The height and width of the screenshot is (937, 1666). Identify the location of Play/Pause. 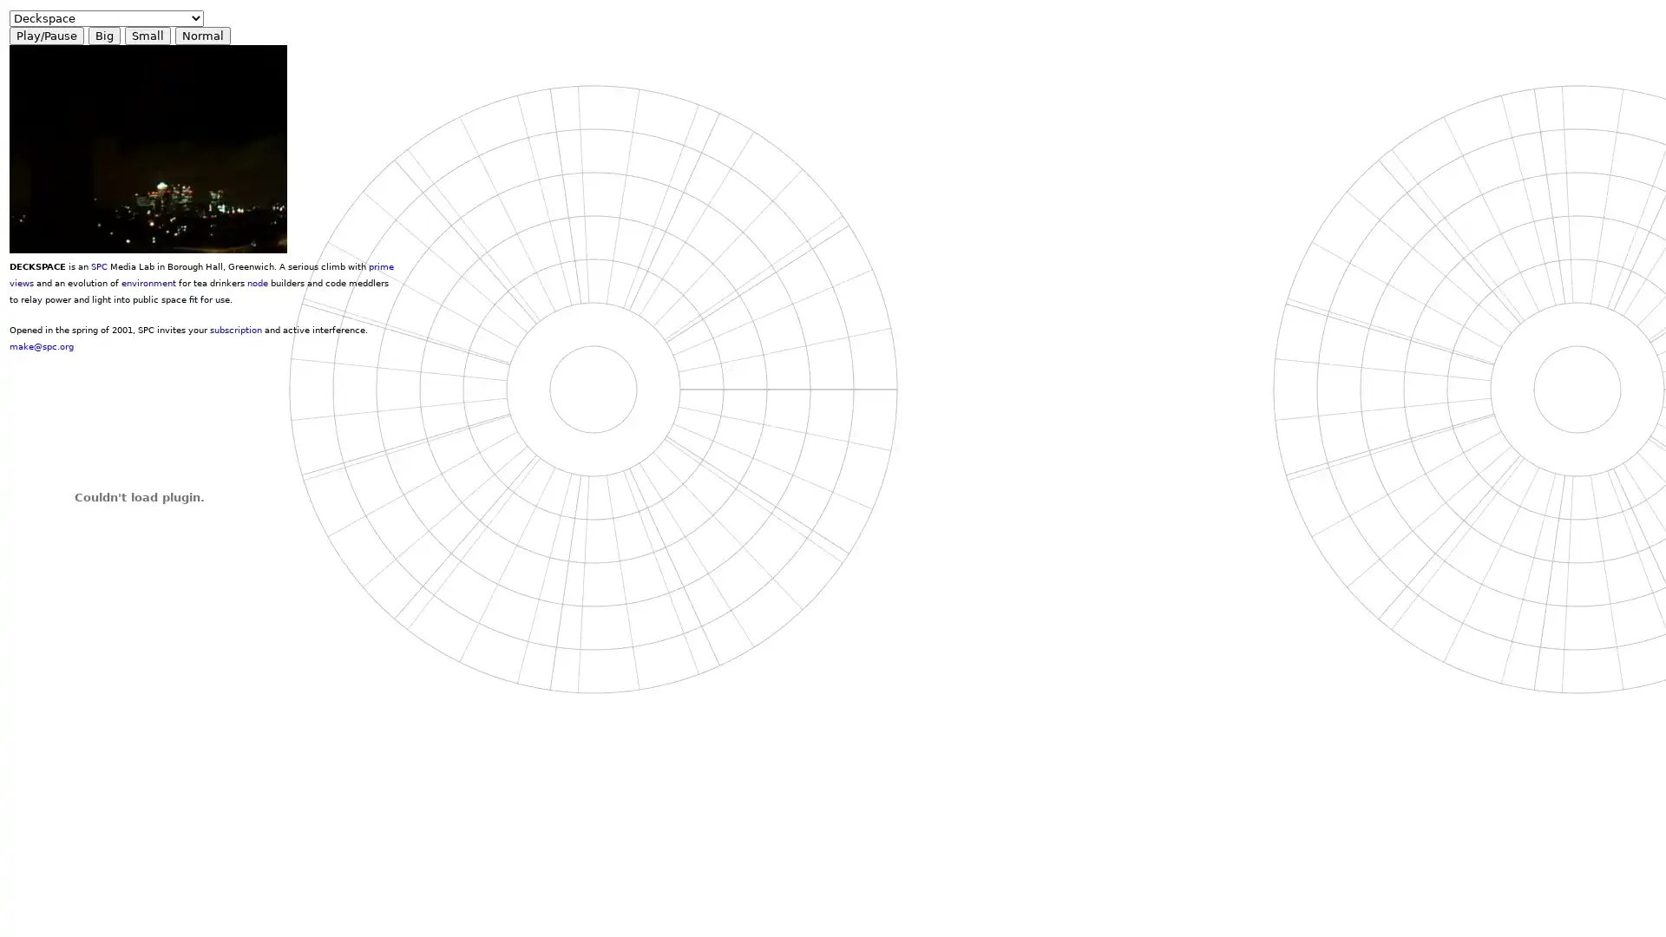
(46, 36).